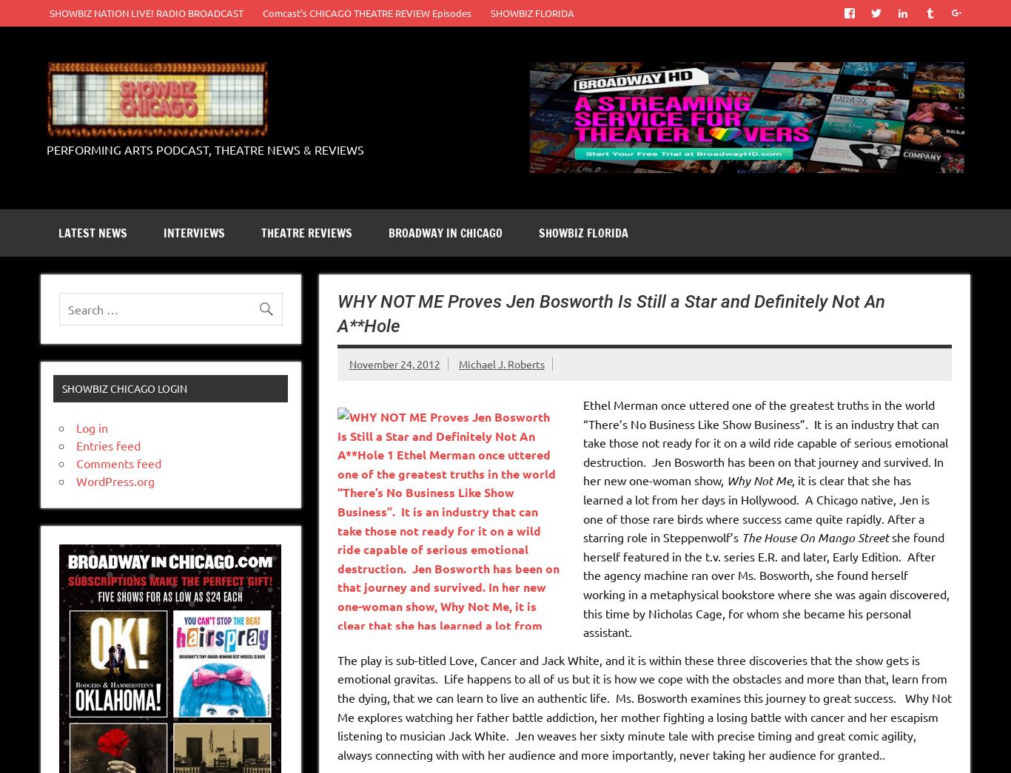 The image size is (1011, 773). Describe the element at coordinates (114, 480) in the screenshot. I see `'WordPress.org'` at that location.